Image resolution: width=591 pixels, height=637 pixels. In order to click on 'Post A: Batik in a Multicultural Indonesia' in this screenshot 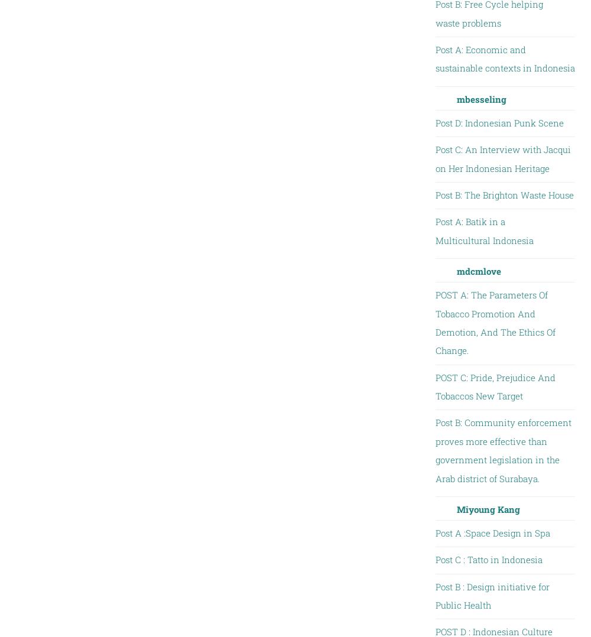, I will do `click(483, 230)`.